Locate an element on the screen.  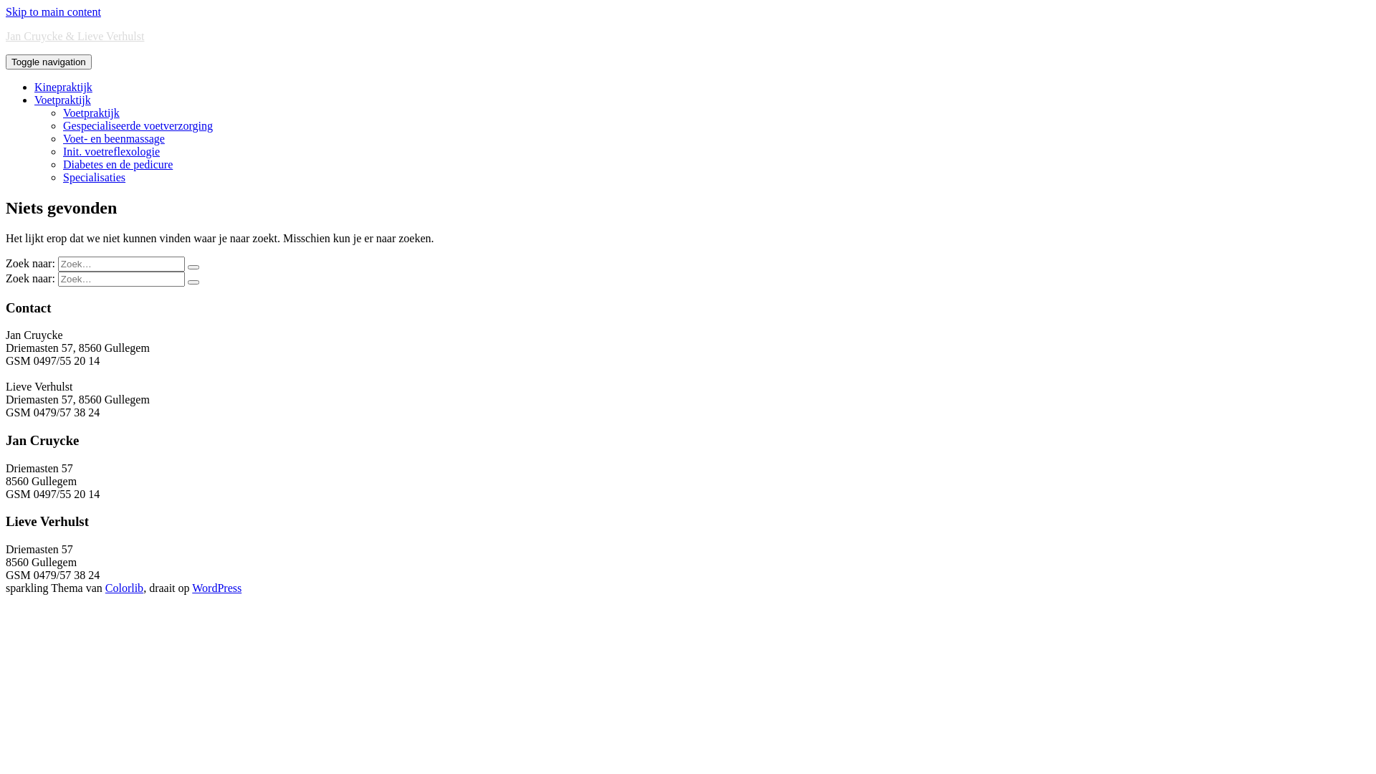
'Gespecialiseerde voetverzorging' is located at coordinates (138, 125).